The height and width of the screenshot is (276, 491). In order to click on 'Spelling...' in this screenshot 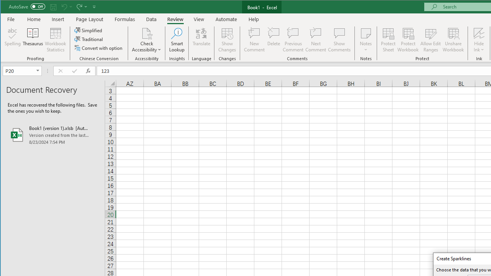, I will do `click(13, 40)`.